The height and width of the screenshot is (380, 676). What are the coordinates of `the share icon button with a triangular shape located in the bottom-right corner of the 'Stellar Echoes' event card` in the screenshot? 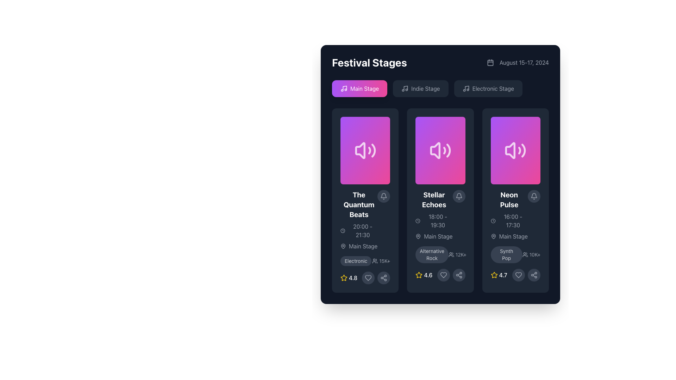 It's located at (383, 278).